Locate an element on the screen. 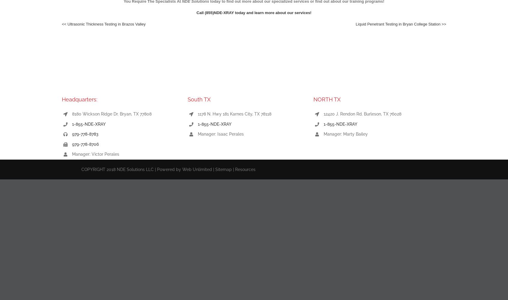  'COPYRIGHT 2018 NDE Solutions LLC | Powered by' is located at coordinates (132, 169).